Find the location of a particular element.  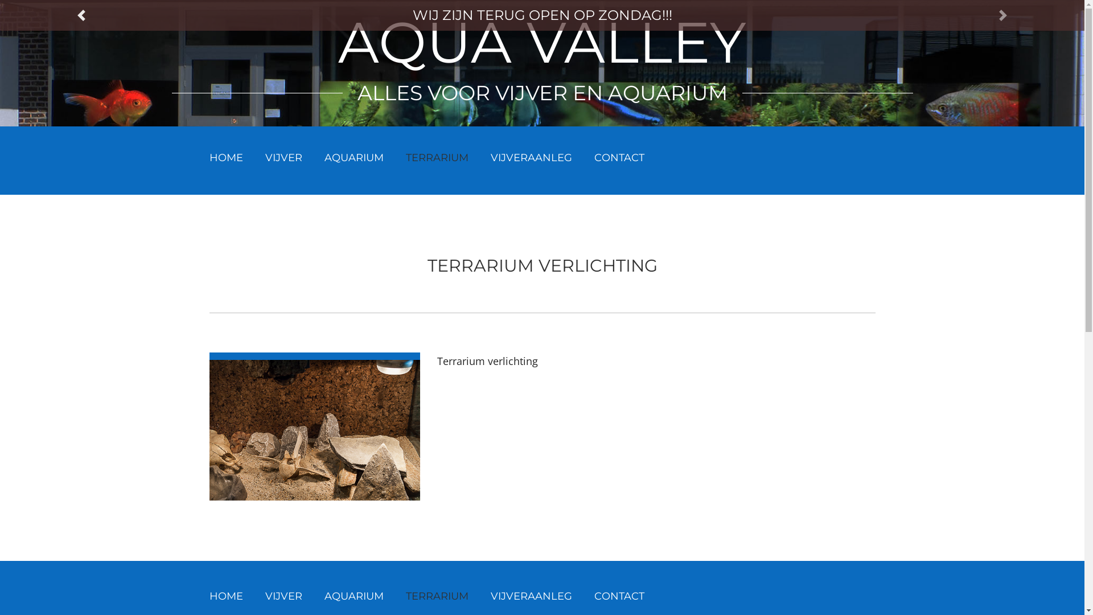

'AQUARIUM' is located at coordinates (354, 595).